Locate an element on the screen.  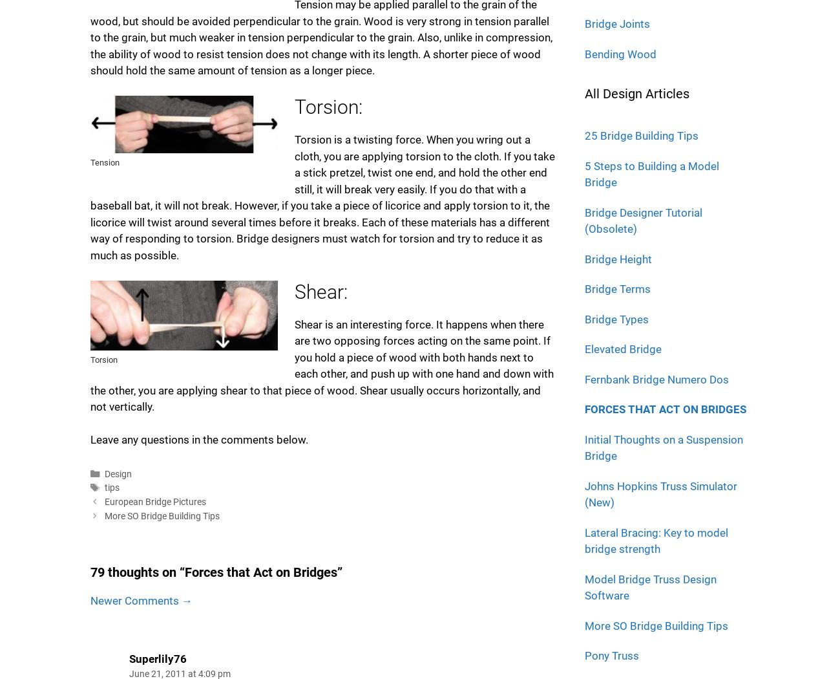
'European Bridge Pictures' is located at coordinates (103, 502).